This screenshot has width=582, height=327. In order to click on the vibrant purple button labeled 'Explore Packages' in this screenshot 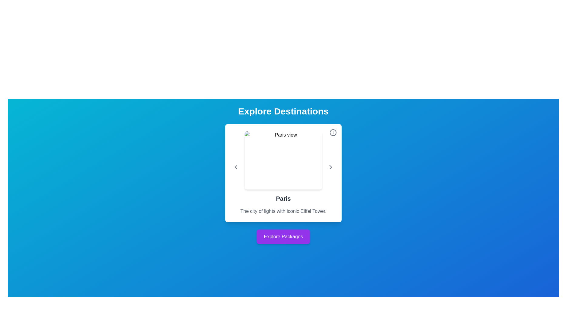, I will do `click(283, 236)`.